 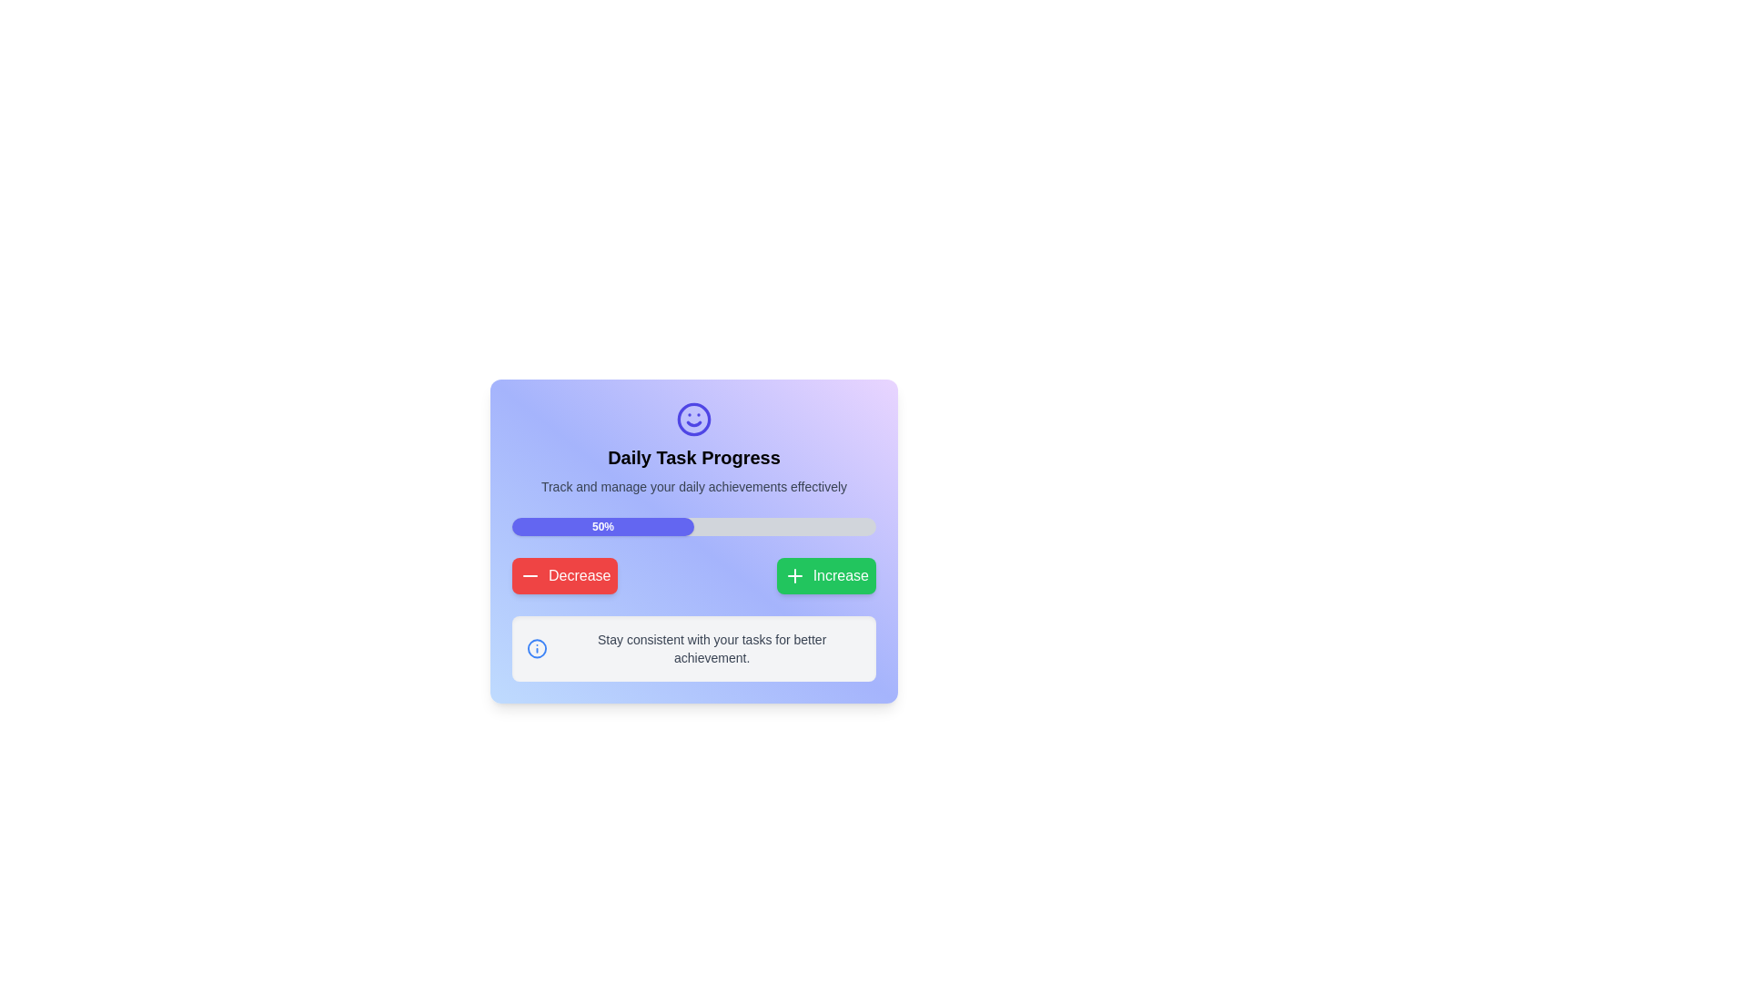 What do you see at coordinates (825, 575) in the screenshot?
I see `the 'Increase' button located at the bottom-right of the card interface to increment the displayed value` at bounding box center [825, 575].